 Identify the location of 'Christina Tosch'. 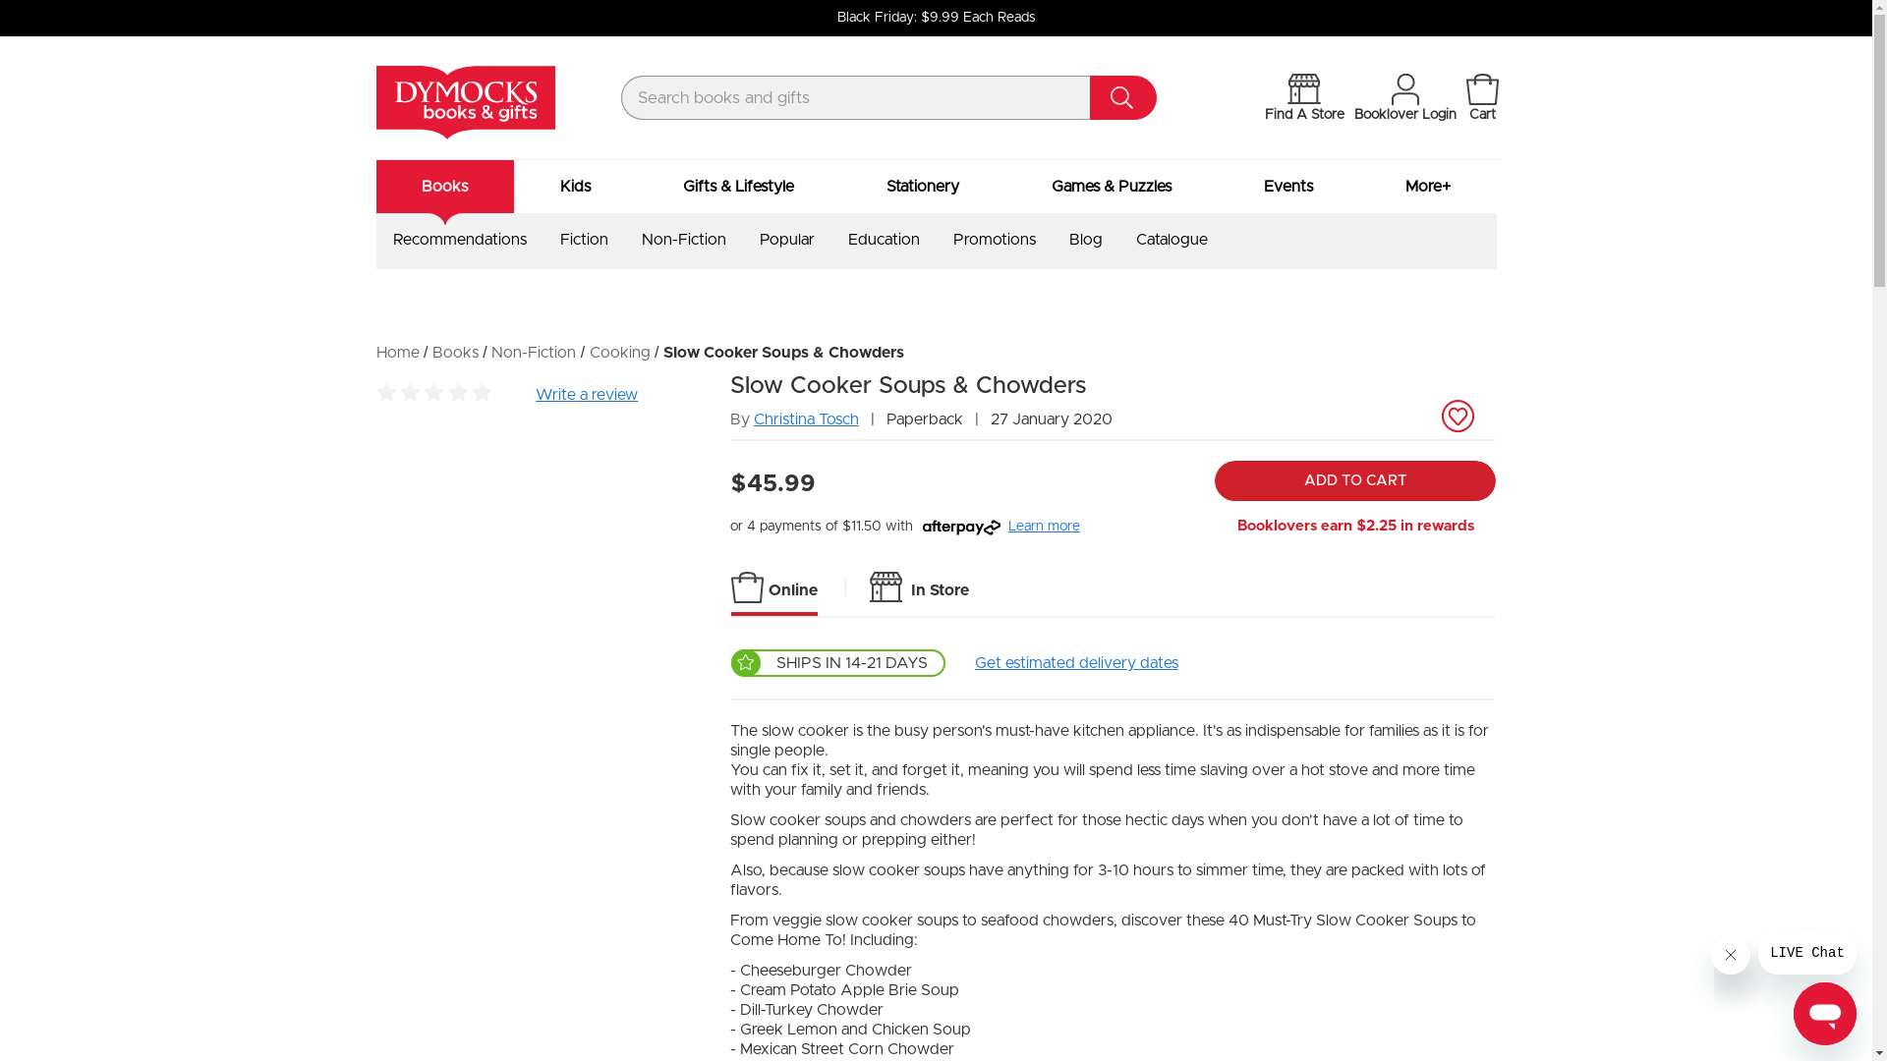
(753, 419).